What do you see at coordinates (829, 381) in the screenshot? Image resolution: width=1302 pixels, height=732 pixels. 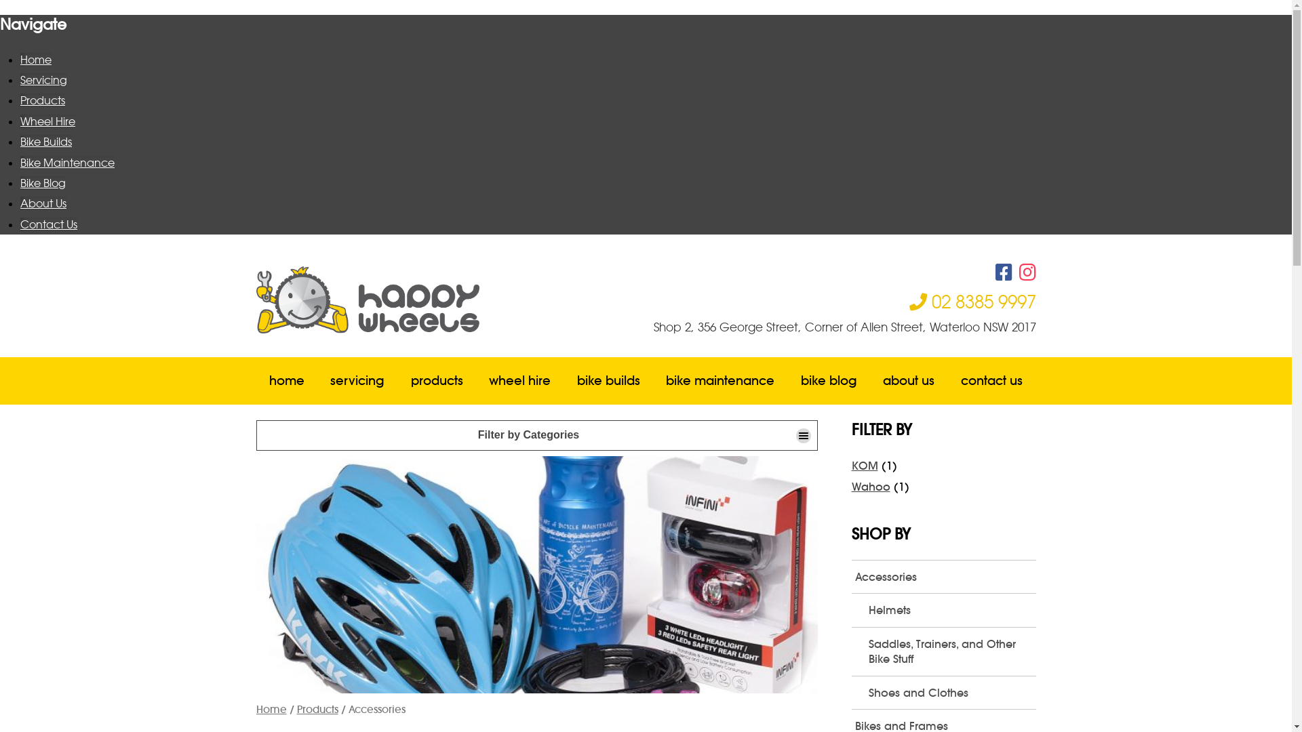 I see `'bike blog'` at bounding box center [829, 381].